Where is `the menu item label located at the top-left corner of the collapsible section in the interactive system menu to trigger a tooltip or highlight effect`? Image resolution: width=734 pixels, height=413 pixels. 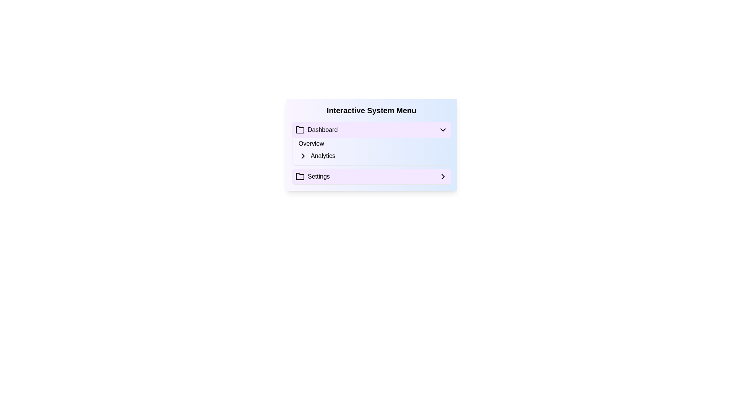 the menu item label located at the top-left corner of the collapsible section in the interactive system menu to trigger a tooltip or highlight effect is located at coordinates (317, 129).